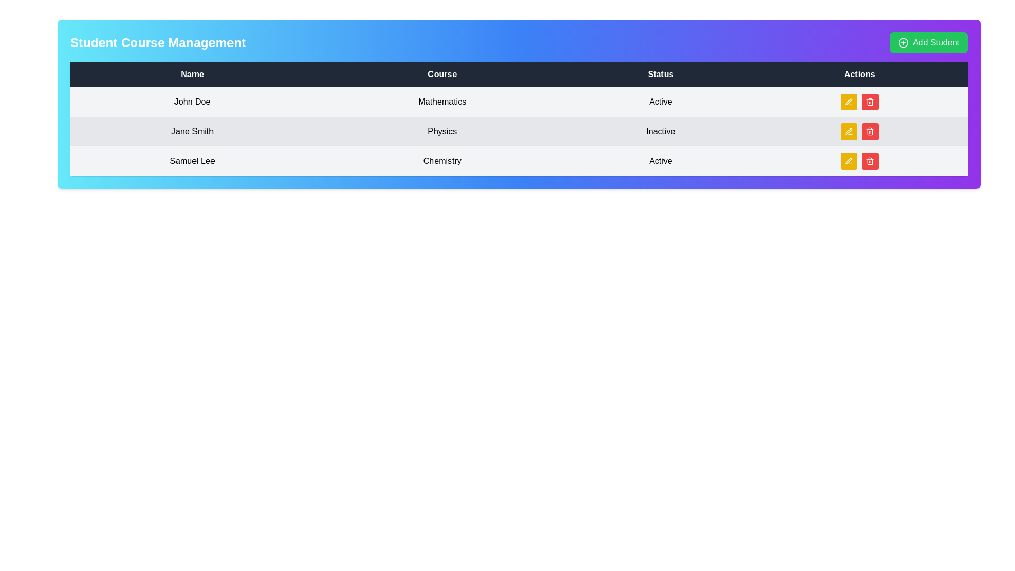  I want to click on the Label/Text Display element that contains the word 'Inactive', which is positioned under the 'Status' column in the second row of the table, to the right of 'Physics' and to the left of the action icons, so click(660, 131).